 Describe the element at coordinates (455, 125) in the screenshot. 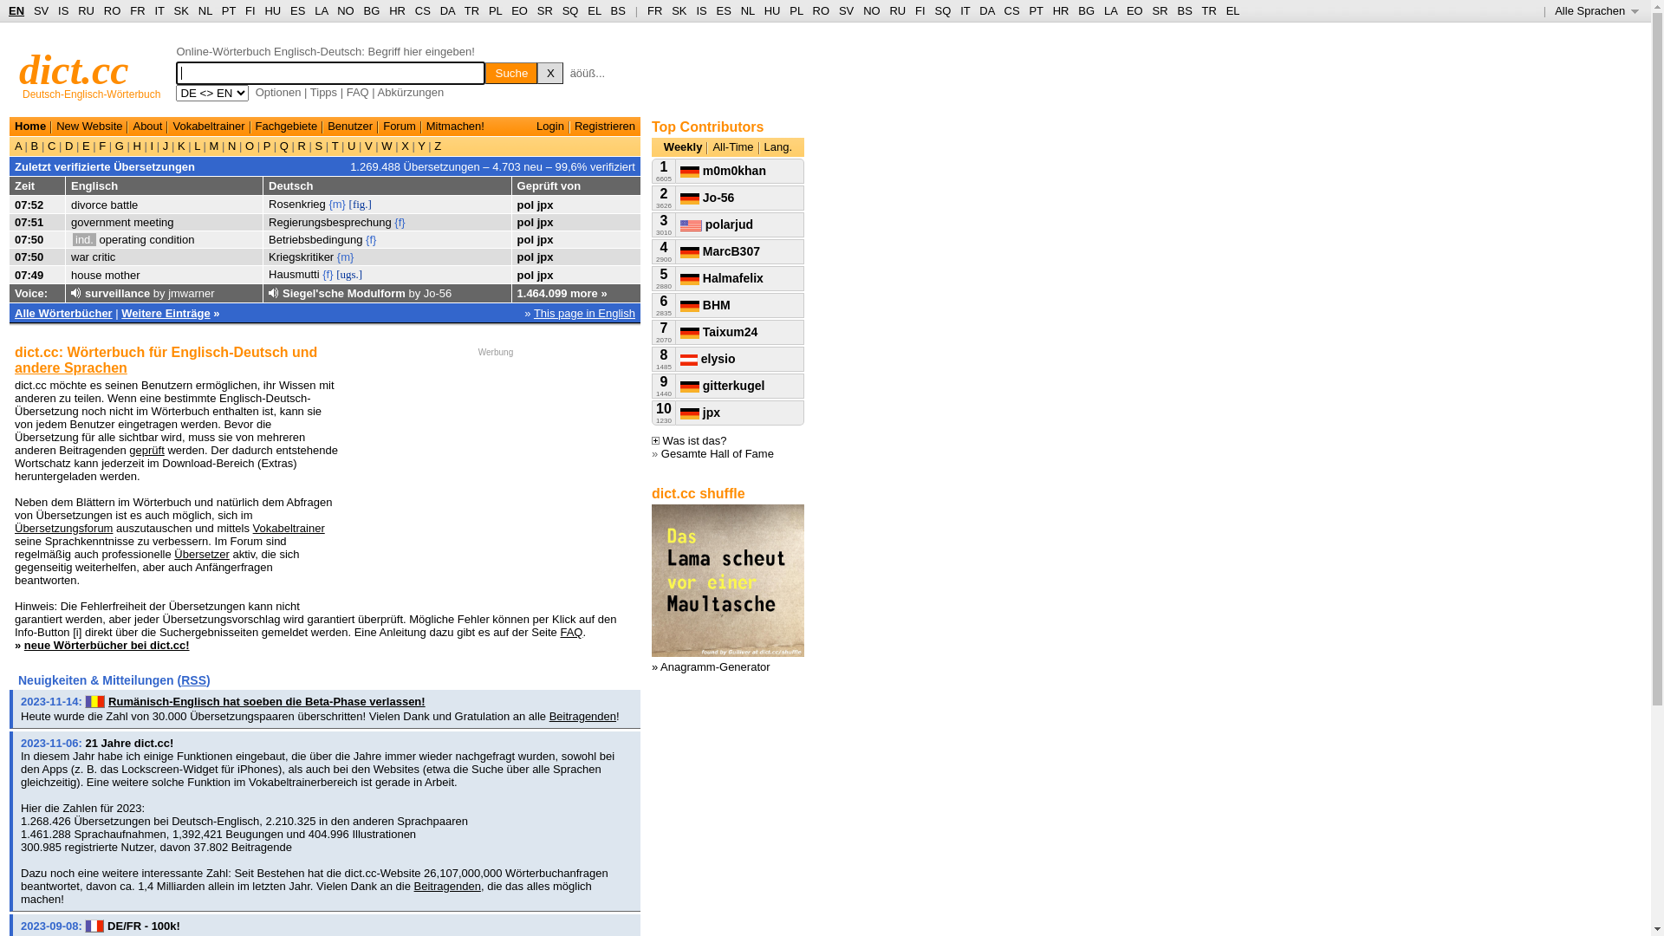

I see `'Mitmachen!'` at that location.